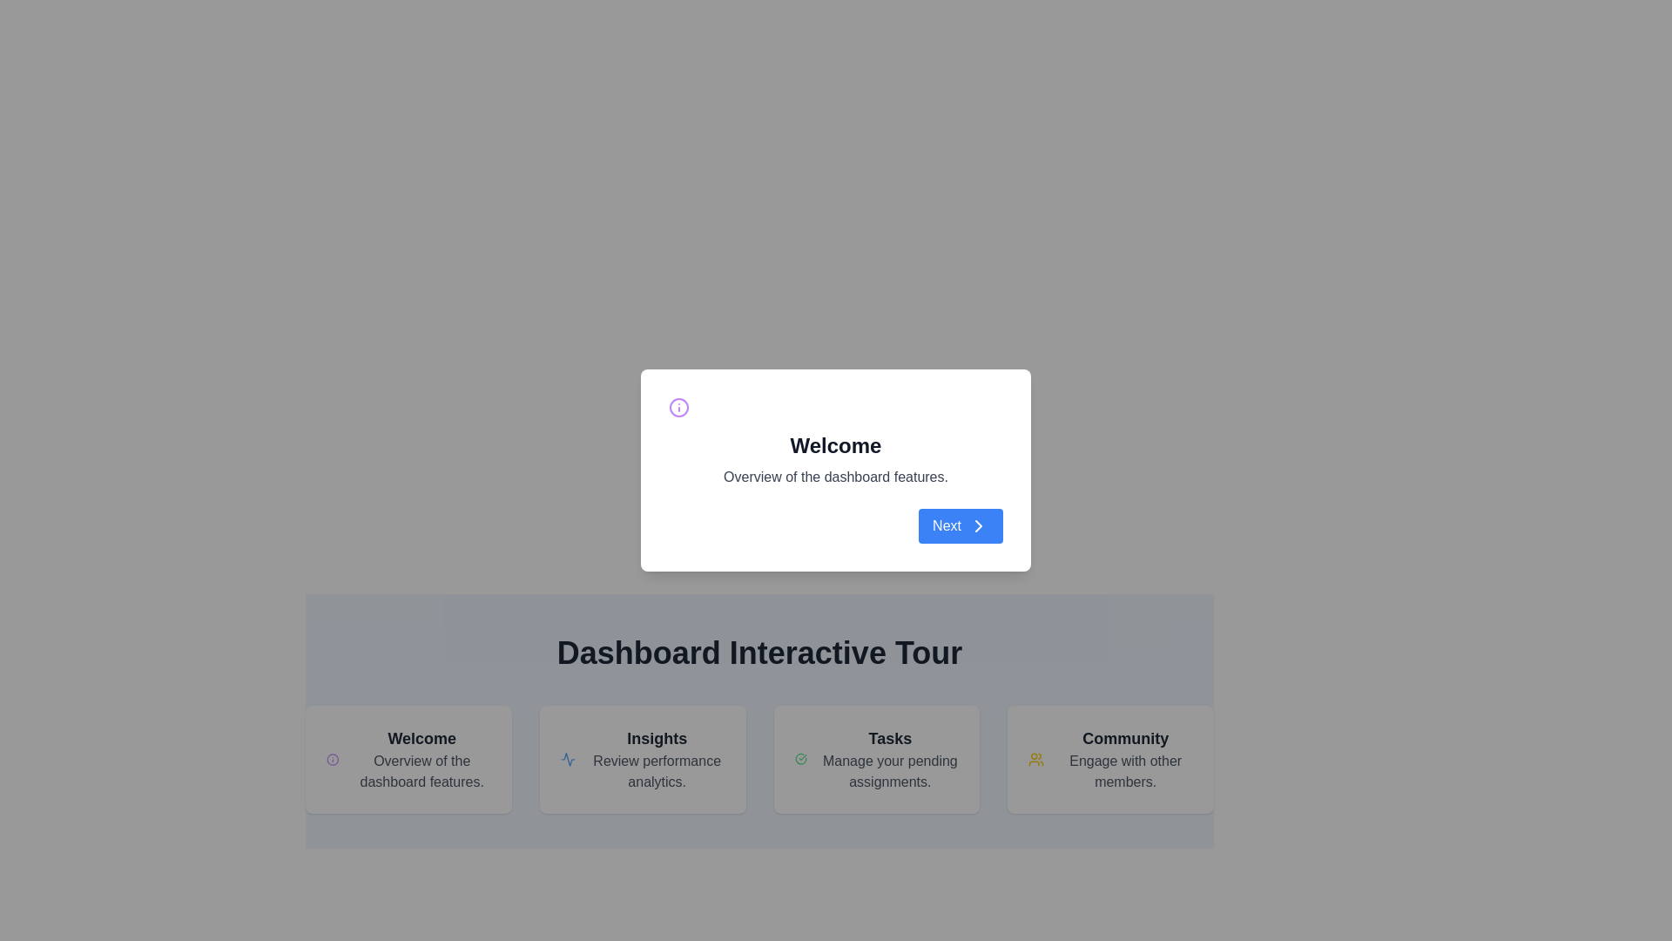  I want to click on the circular icon with a green checkmark inside, located to the left of the text 'Tasks Manage your pending assignments.' in the 'Tasks' card under the 'Dashboard Interactive Tour', so click(800, 758).